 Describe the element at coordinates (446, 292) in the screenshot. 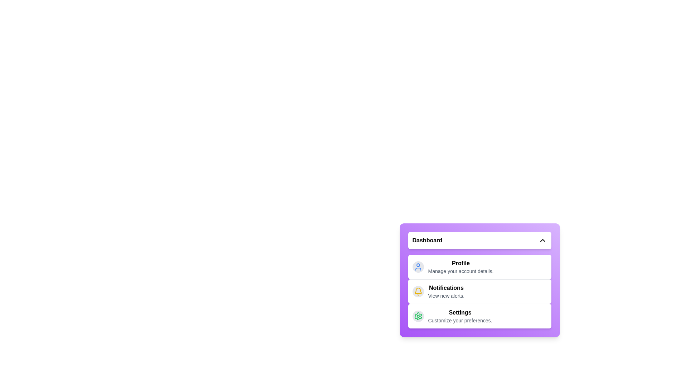

I see `the menu item Notifications to navigate to its content` at that location.